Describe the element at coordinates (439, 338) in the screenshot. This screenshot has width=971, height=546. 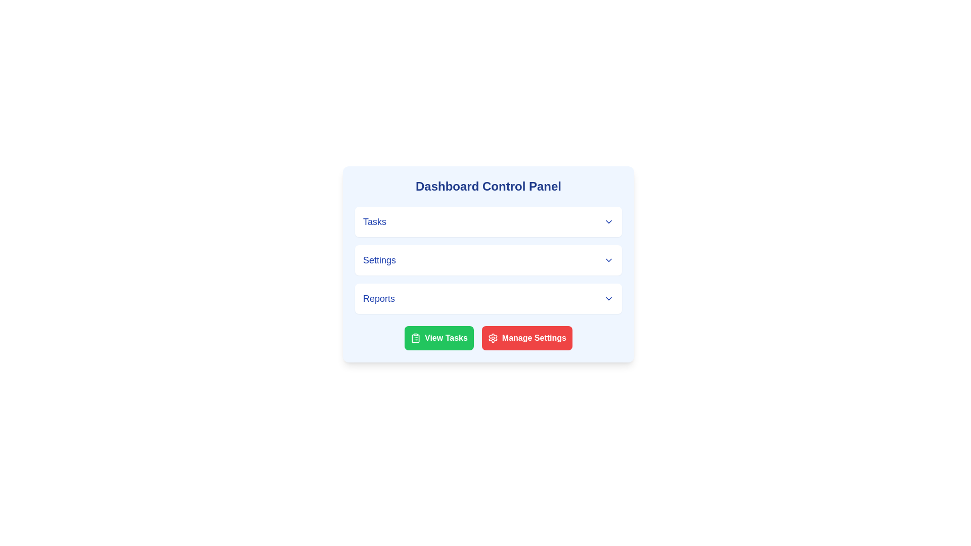
I see `the first button located at the bottom-left area of the 'Dashboard Control Panel'` at that location.